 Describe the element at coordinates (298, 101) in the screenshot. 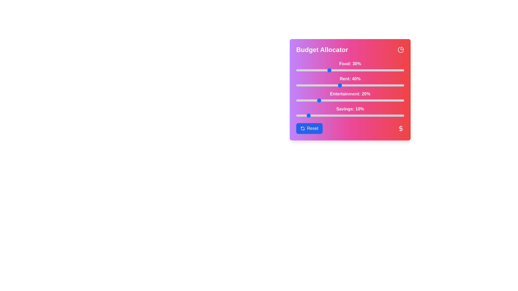

I see `the slider value` at that location.